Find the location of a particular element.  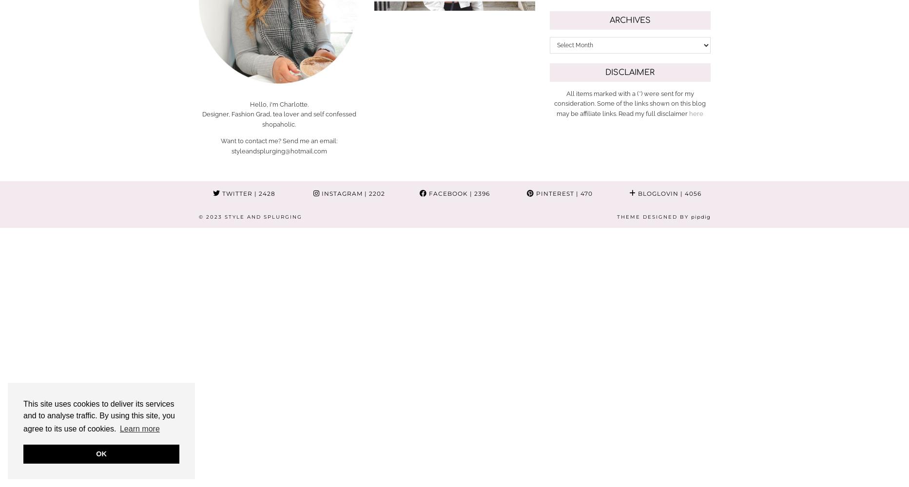

'| 2428' is located at coordinates (263, 193).